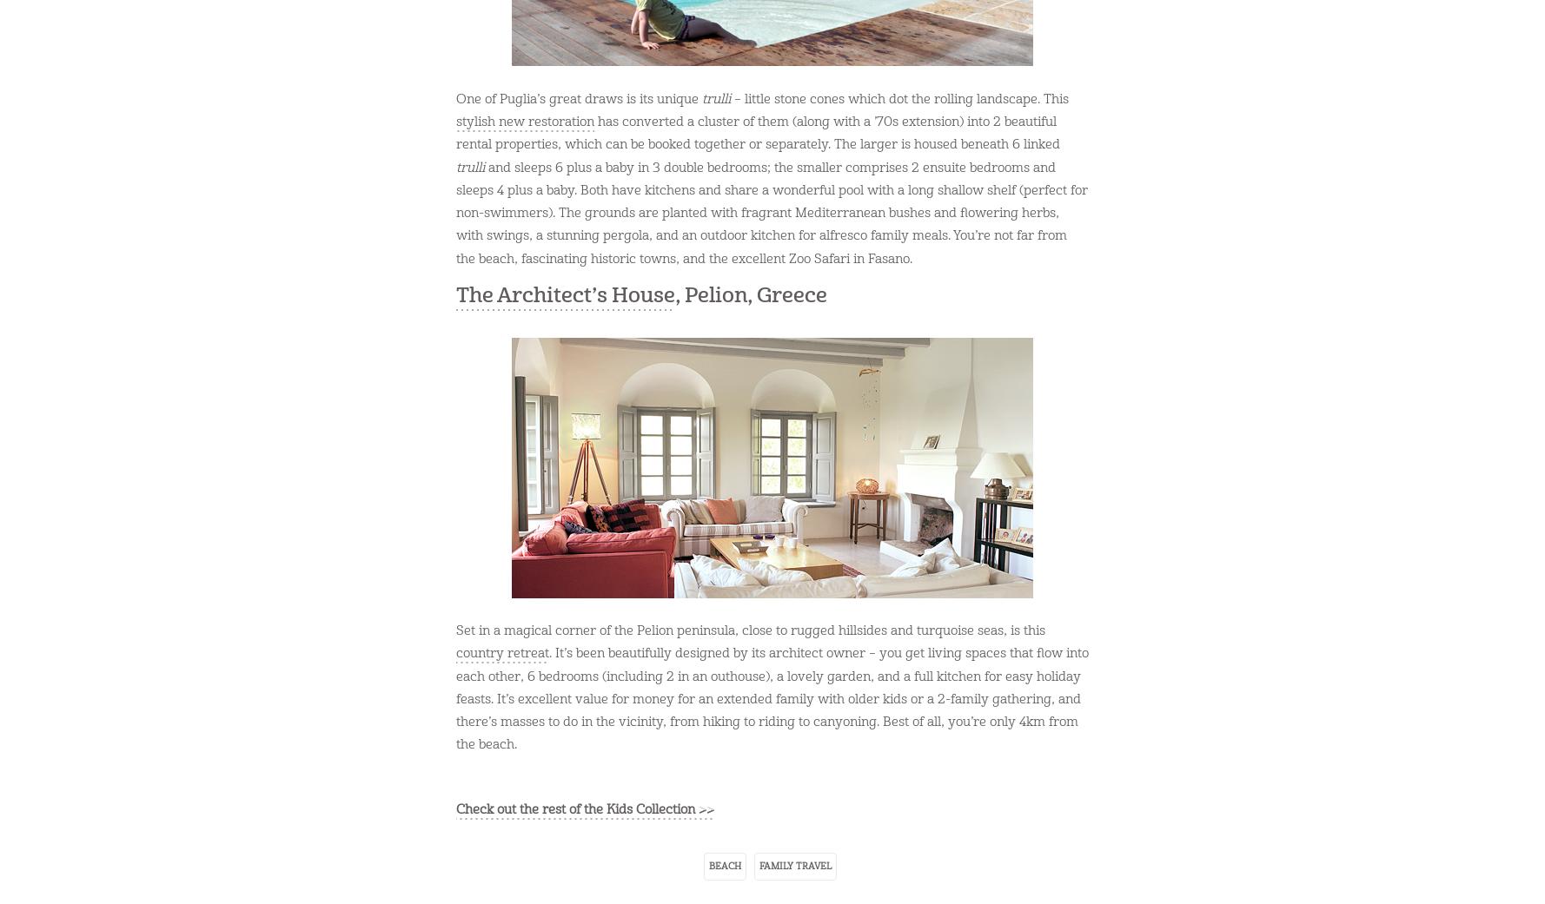  What do you see at coordinates (565, 294) in the screenshot?
I see `'The Architect’s House'` at bounding box center [565, 294].